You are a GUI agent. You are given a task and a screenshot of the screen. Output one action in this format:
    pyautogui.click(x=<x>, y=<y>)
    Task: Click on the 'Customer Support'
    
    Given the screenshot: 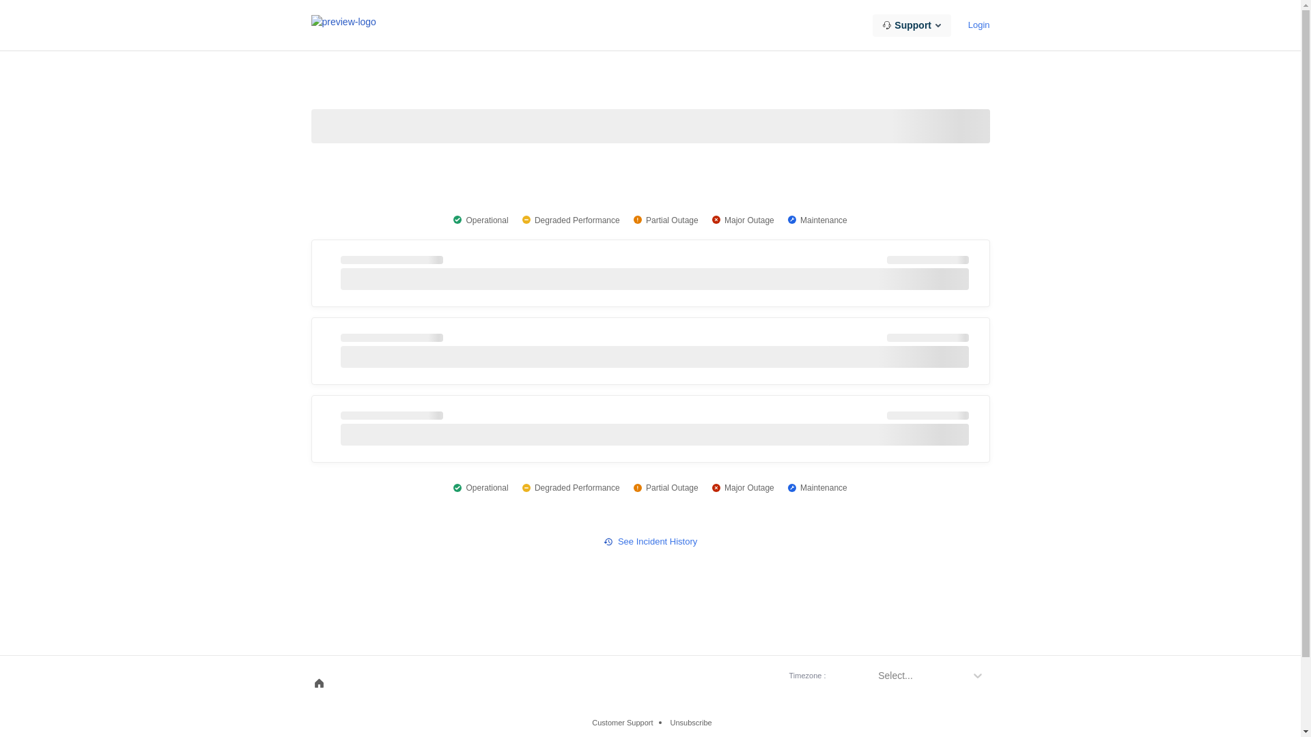 What is the action you would take?
    pyautogui.click(x=589, y=722)
    